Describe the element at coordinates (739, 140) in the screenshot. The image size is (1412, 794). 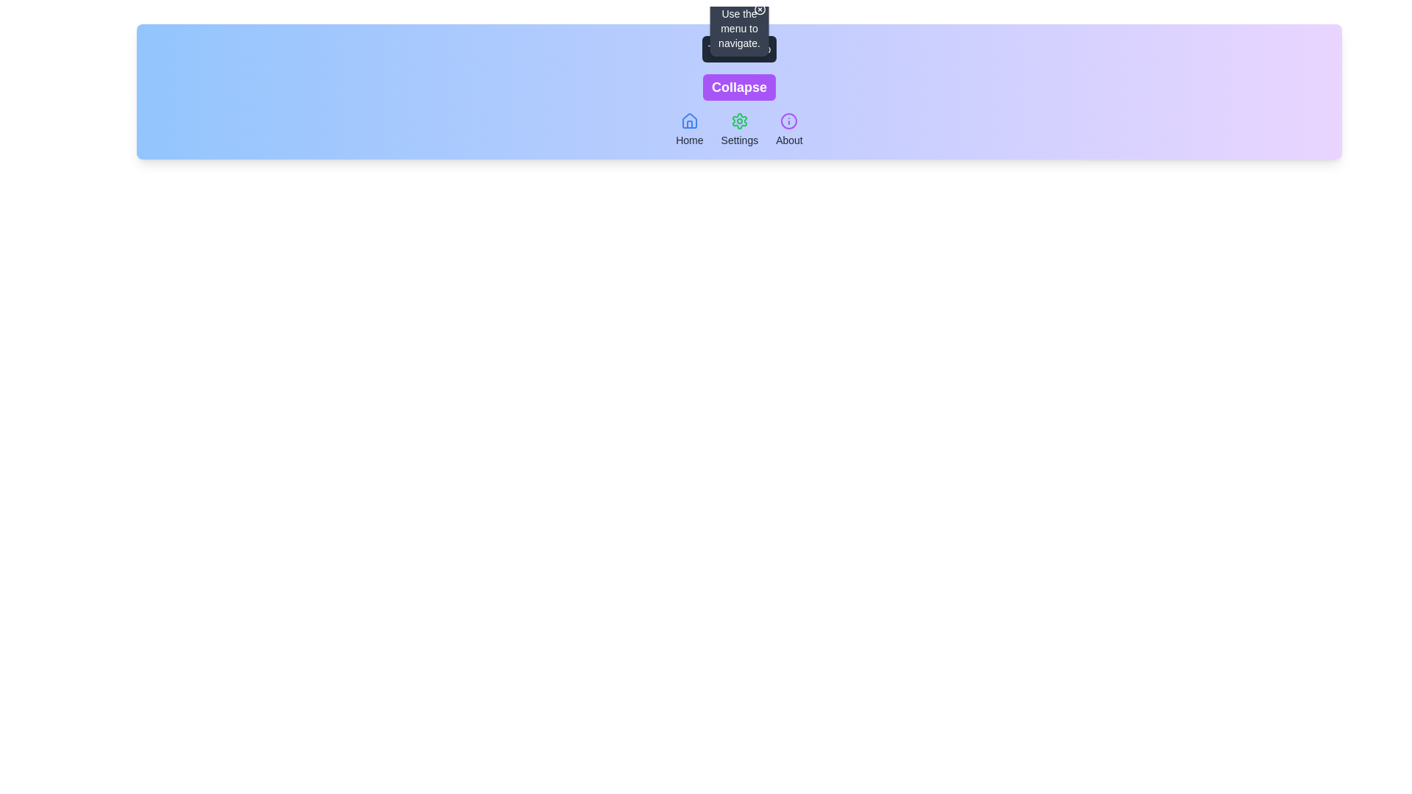
I see `the static text label displaying 'Settings' located below the green gear icon in the navigation section` at that location.